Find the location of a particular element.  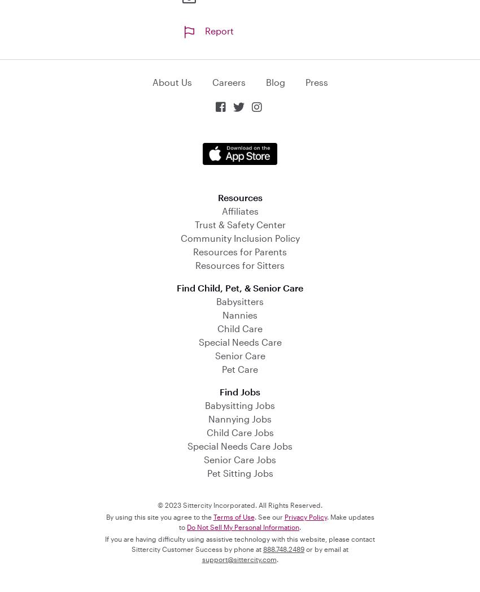

'or by email at' is located at coordinates (326, 547).